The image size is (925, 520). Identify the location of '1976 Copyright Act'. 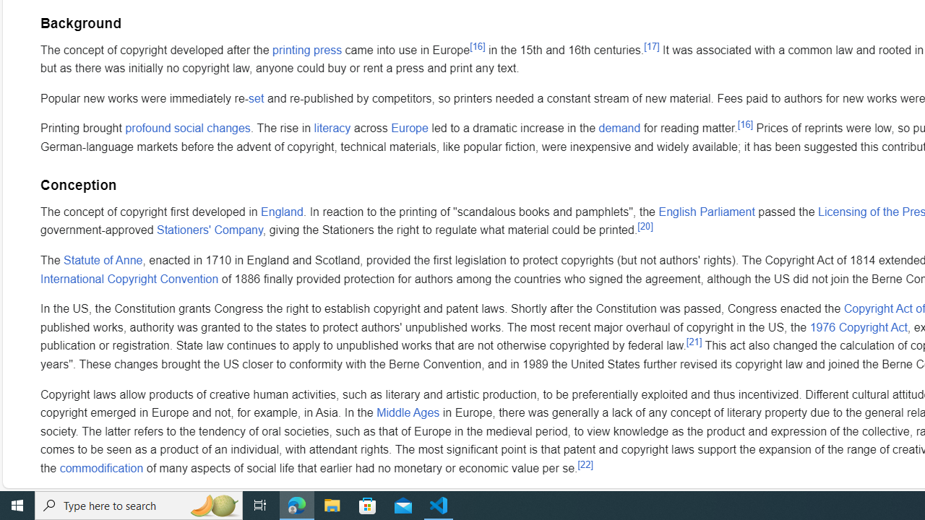
(858, 327).